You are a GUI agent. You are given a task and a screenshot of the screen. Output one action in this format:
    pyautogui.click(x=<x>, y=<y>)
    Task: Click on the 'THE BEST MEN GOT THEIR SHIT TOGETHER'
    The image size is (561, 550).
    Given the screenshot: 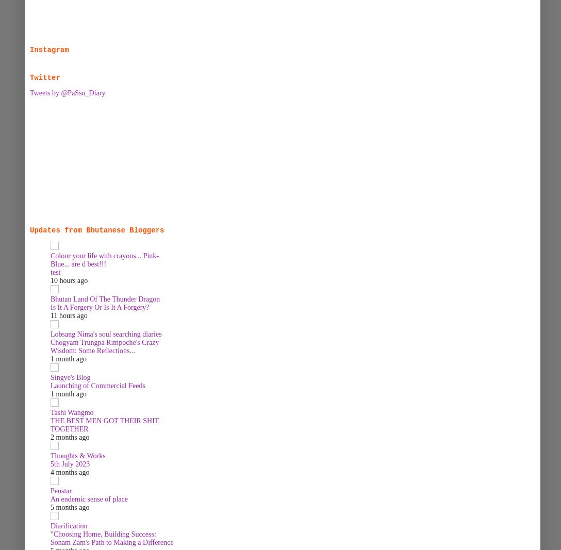 What is the action you would take?
    pyautogui.click(x=104, y=424)
    